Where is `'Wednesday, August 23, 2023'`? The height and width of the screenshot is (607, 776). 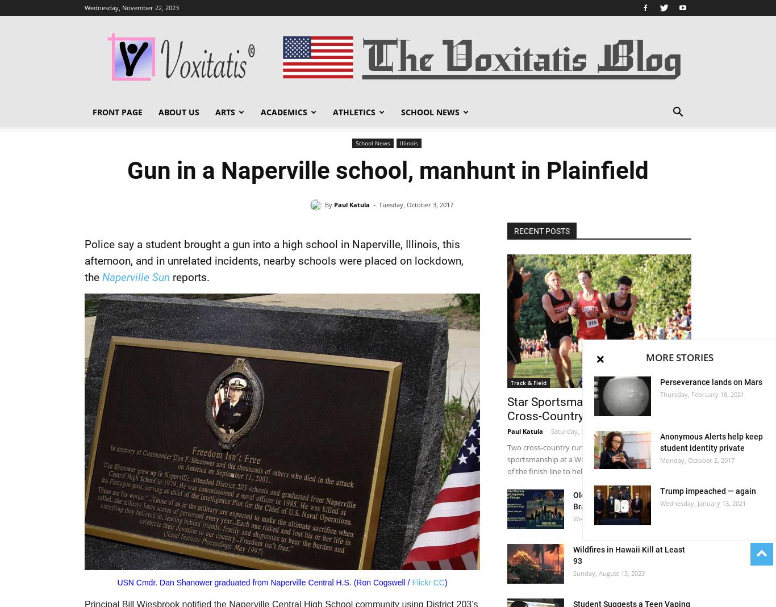 'Wednesday, August 23, 2023' is located at coordinates (573, 518).